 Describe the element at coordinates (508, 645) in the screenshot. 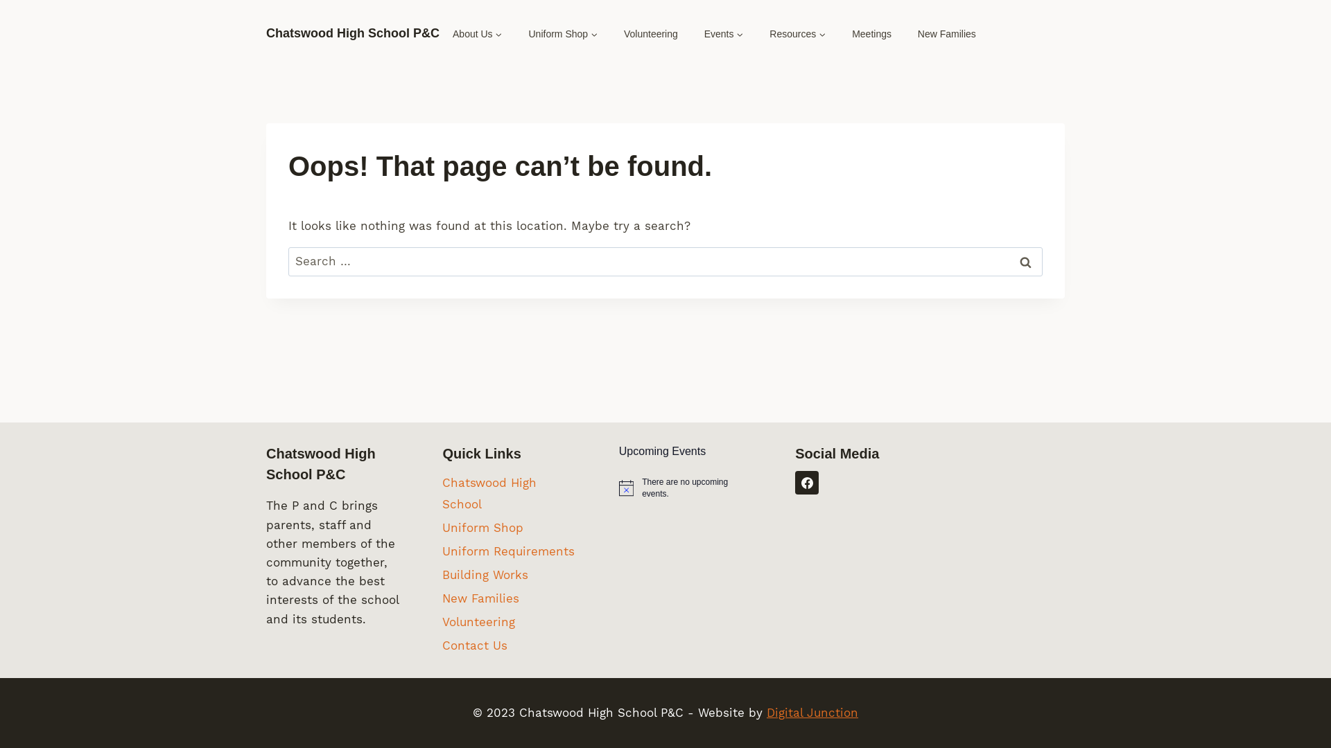

I see `'Contact Us'` at that location.